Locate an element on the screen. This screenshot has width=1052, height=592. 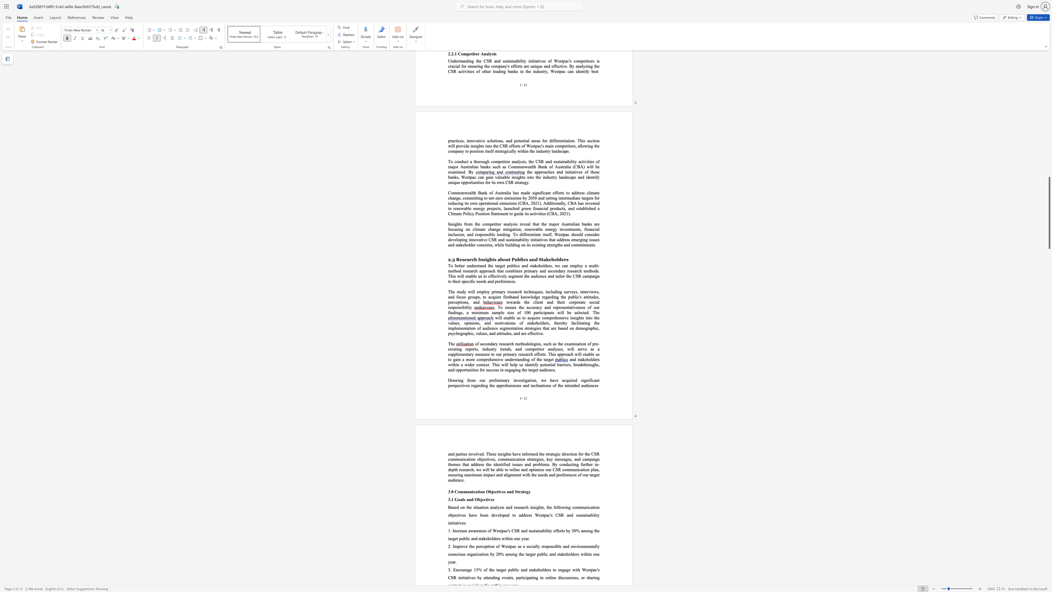
the subset text "ary research efforts. This approach wi" within the text "of secondary research methodologies, such as the examination of pre-existing reports, industry trends, and competitor analyses, will serve as a supplementary measure to our primary research efforts. This approach will enable us to gain a more comprehensive understanding of the target" is located at coordinates (510, 354).